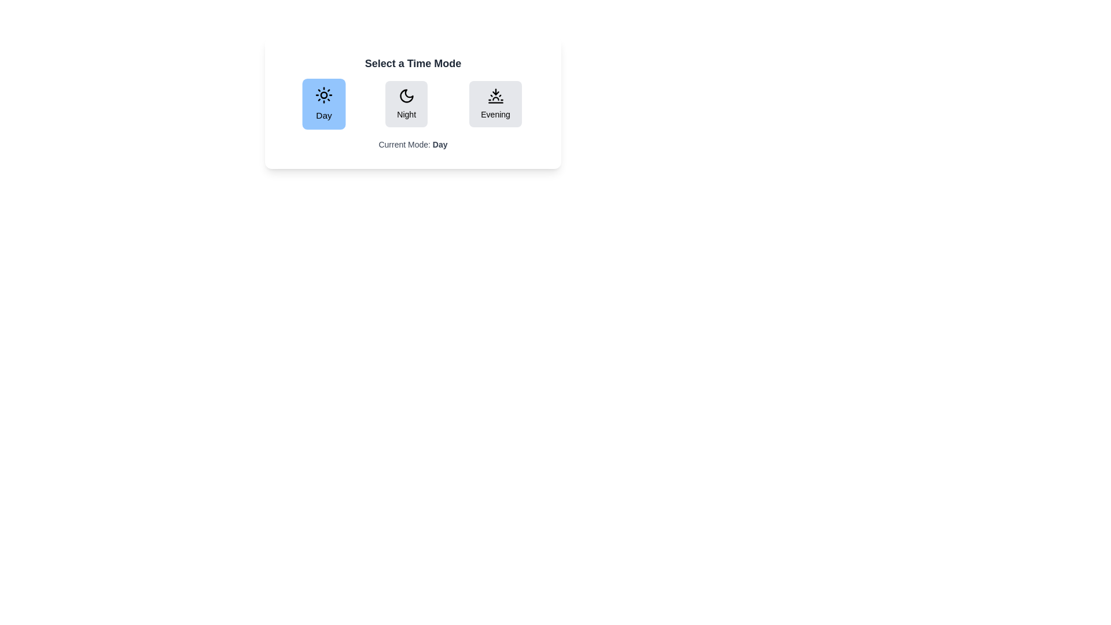  I want to click on the button corresponding to the mode Day, so click(324, 104).